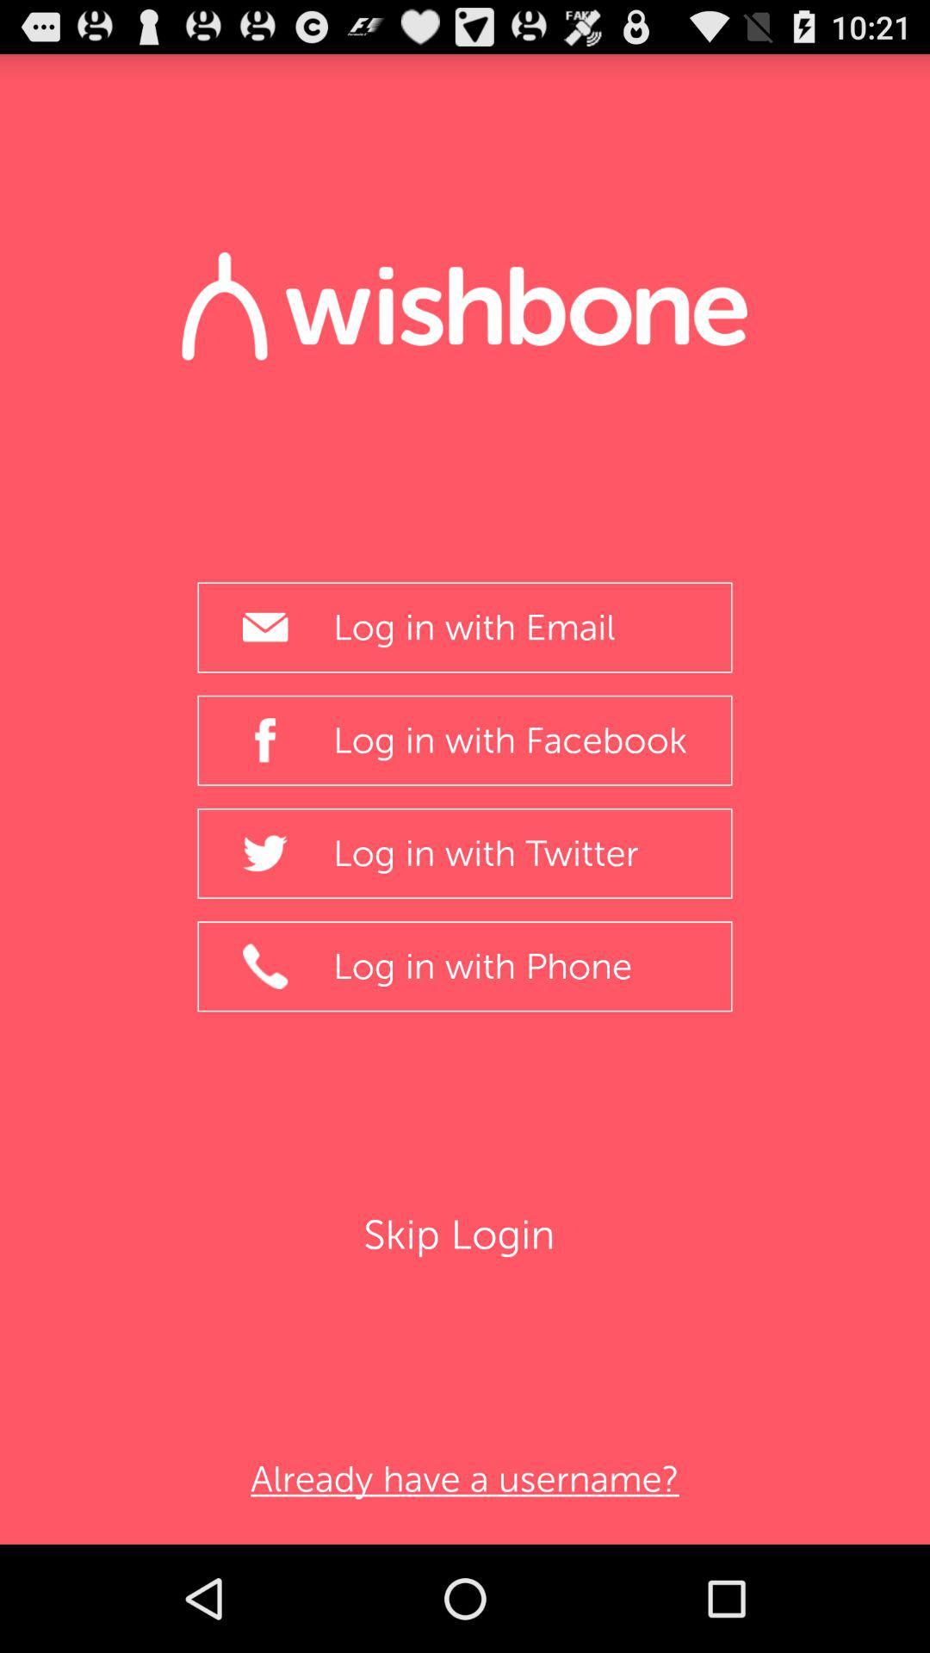 This screenshot has width=930, height=1653. Describe the element at coordinates (463, 1234) in the screenshot. I see `the item above the already have a item` at that location.